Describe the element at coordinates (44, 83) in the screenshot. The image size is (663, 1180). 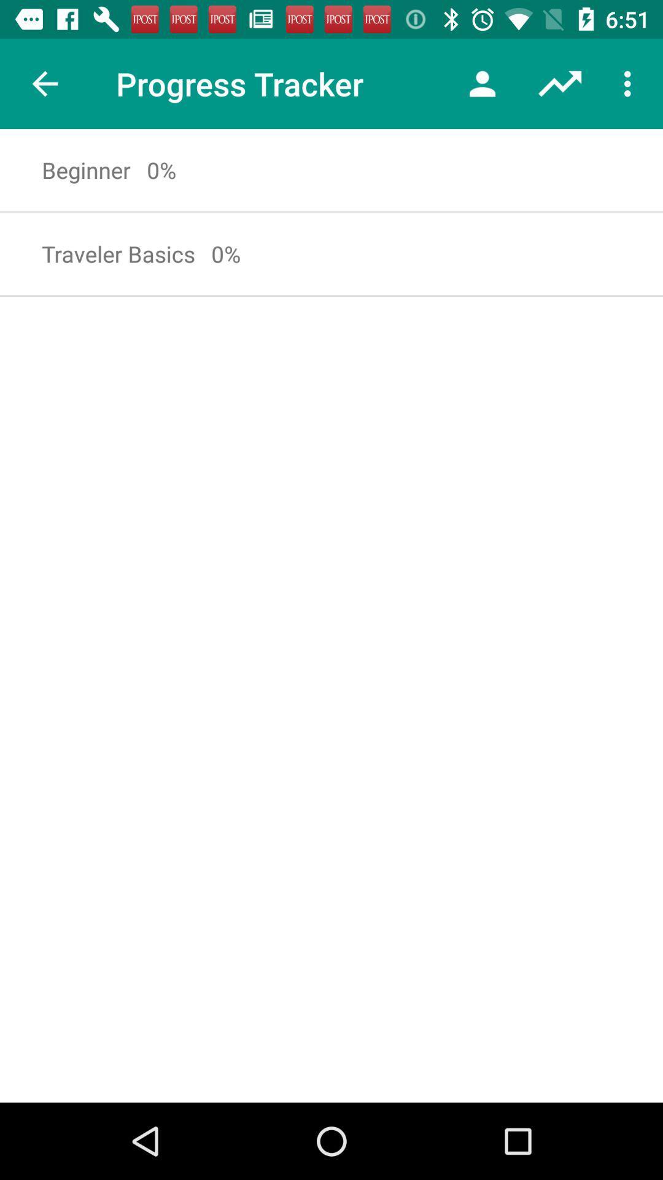
I see `item next to the progress tracker item` at that location.